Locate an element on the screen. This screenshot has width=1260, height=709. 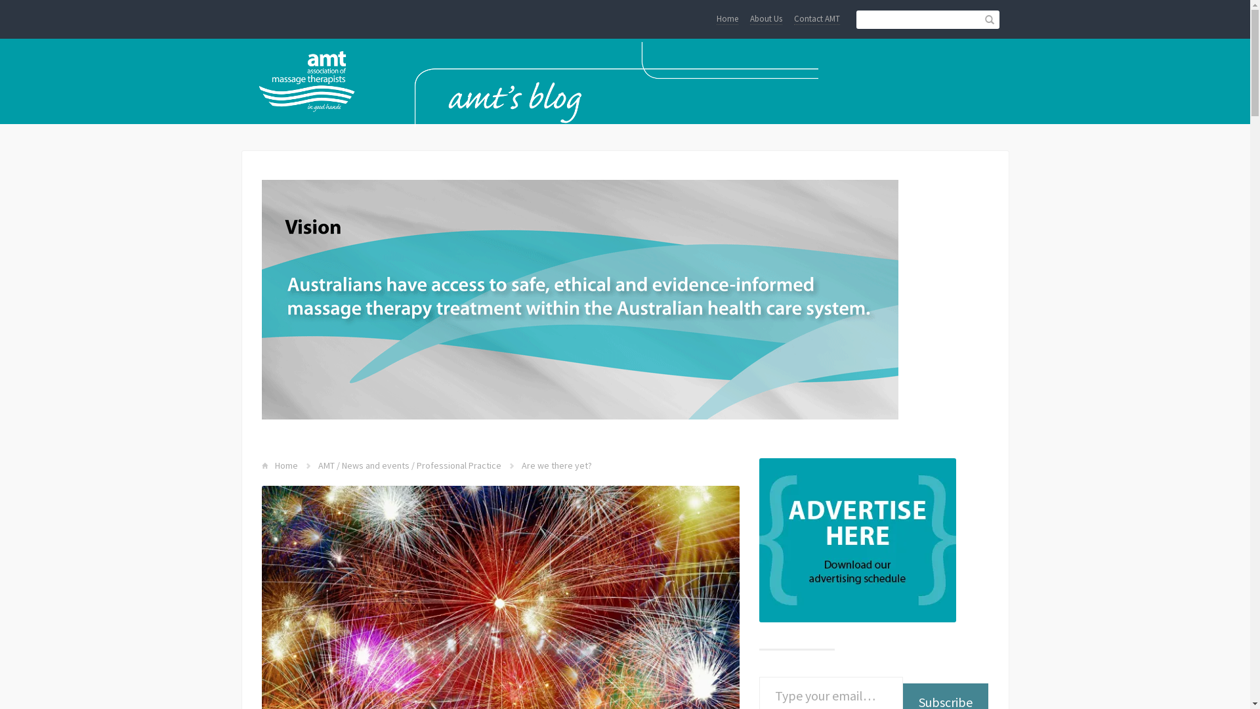
'Home' is located at coordinates (285, 465).